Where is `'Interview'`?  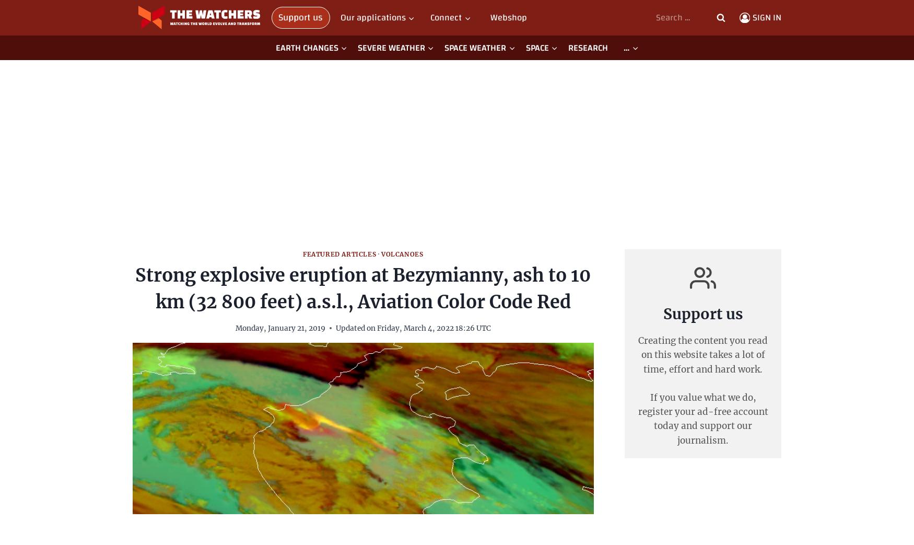
'Interview' is located at coordinates (154, 168).